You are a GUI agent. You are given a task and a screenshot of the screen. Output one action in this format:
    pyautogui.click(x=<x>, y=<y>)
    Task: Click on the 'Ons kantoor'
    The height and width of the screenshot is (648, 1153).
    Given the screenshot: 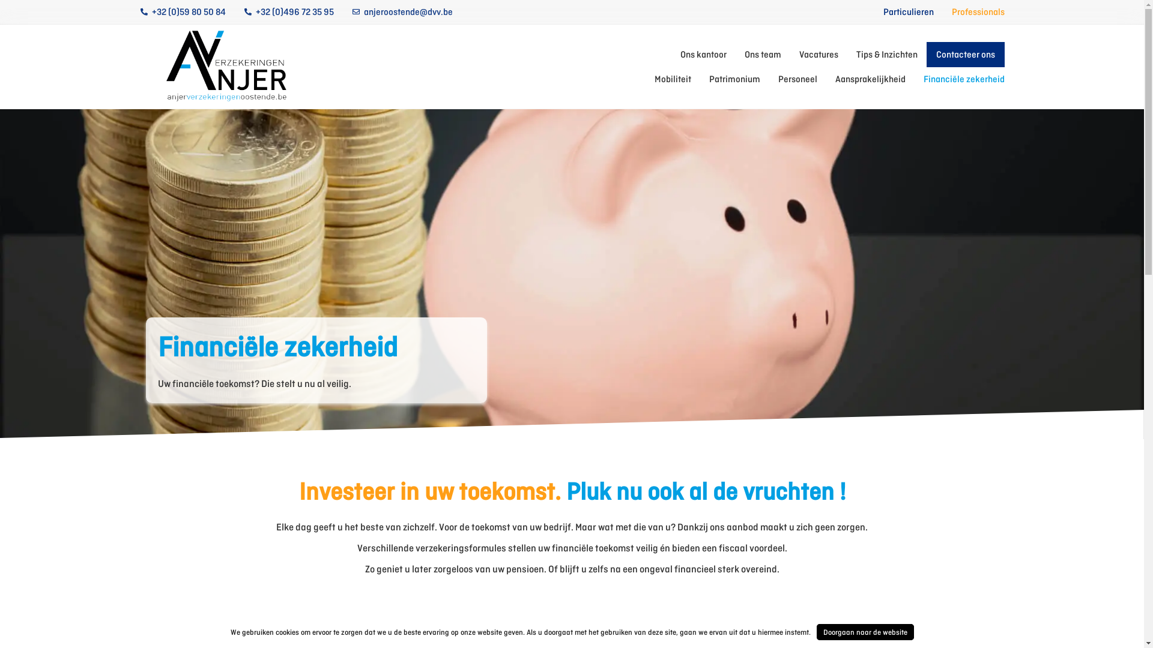 What is the action you would take?
    pyautogui.click(x=680, y=55)
    